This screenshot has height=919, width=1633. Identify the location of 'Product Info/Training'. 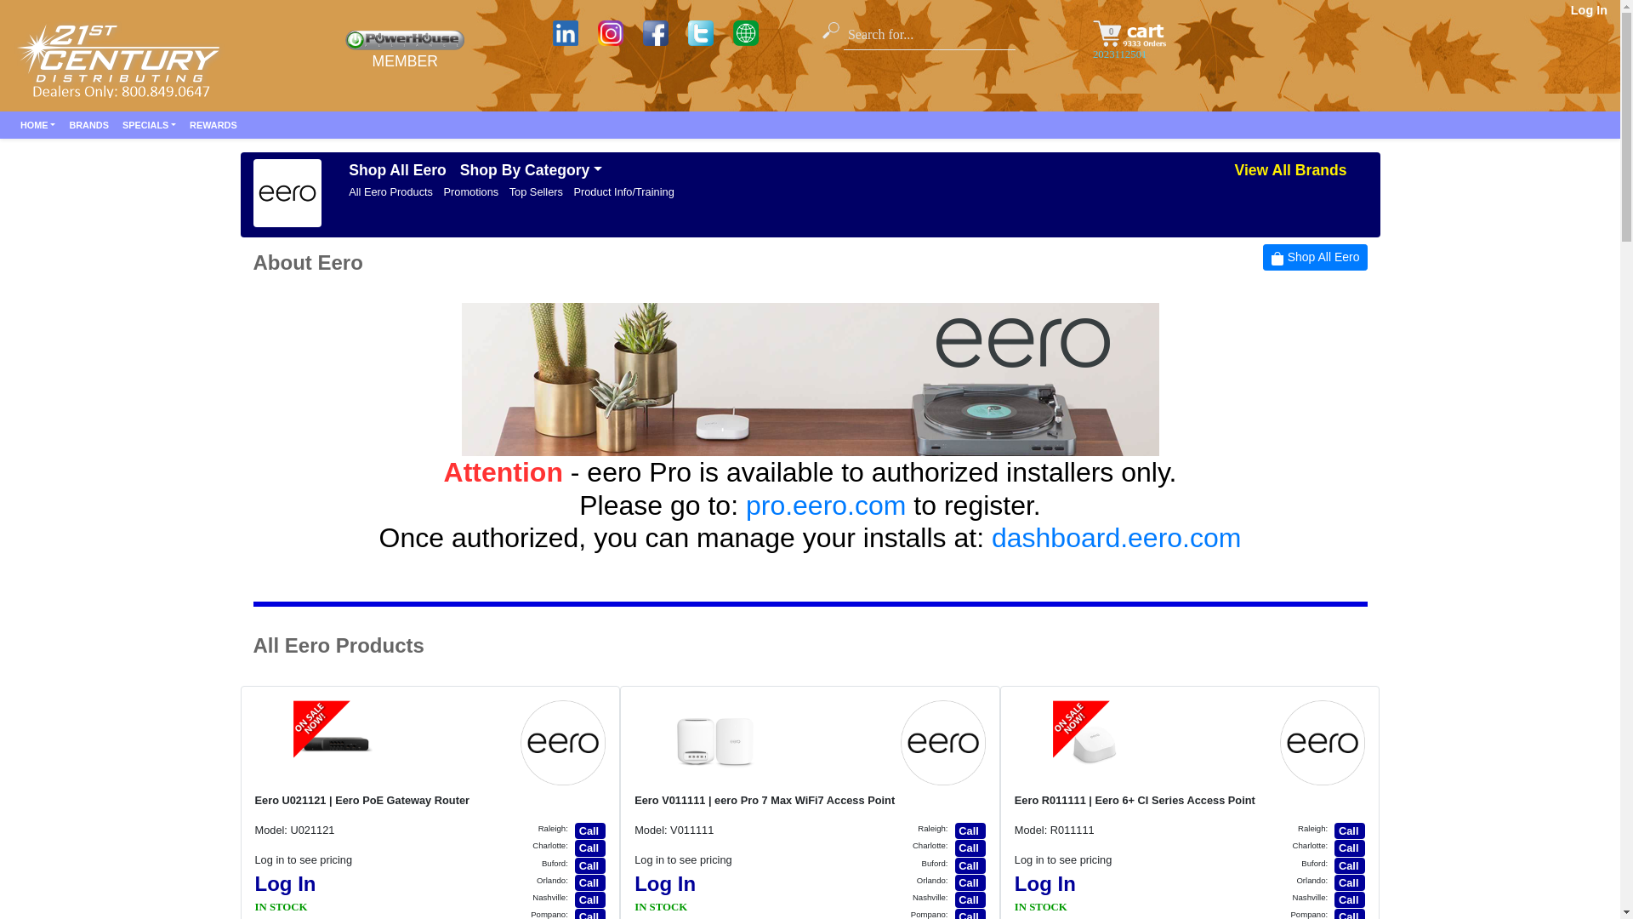
(623, 191).